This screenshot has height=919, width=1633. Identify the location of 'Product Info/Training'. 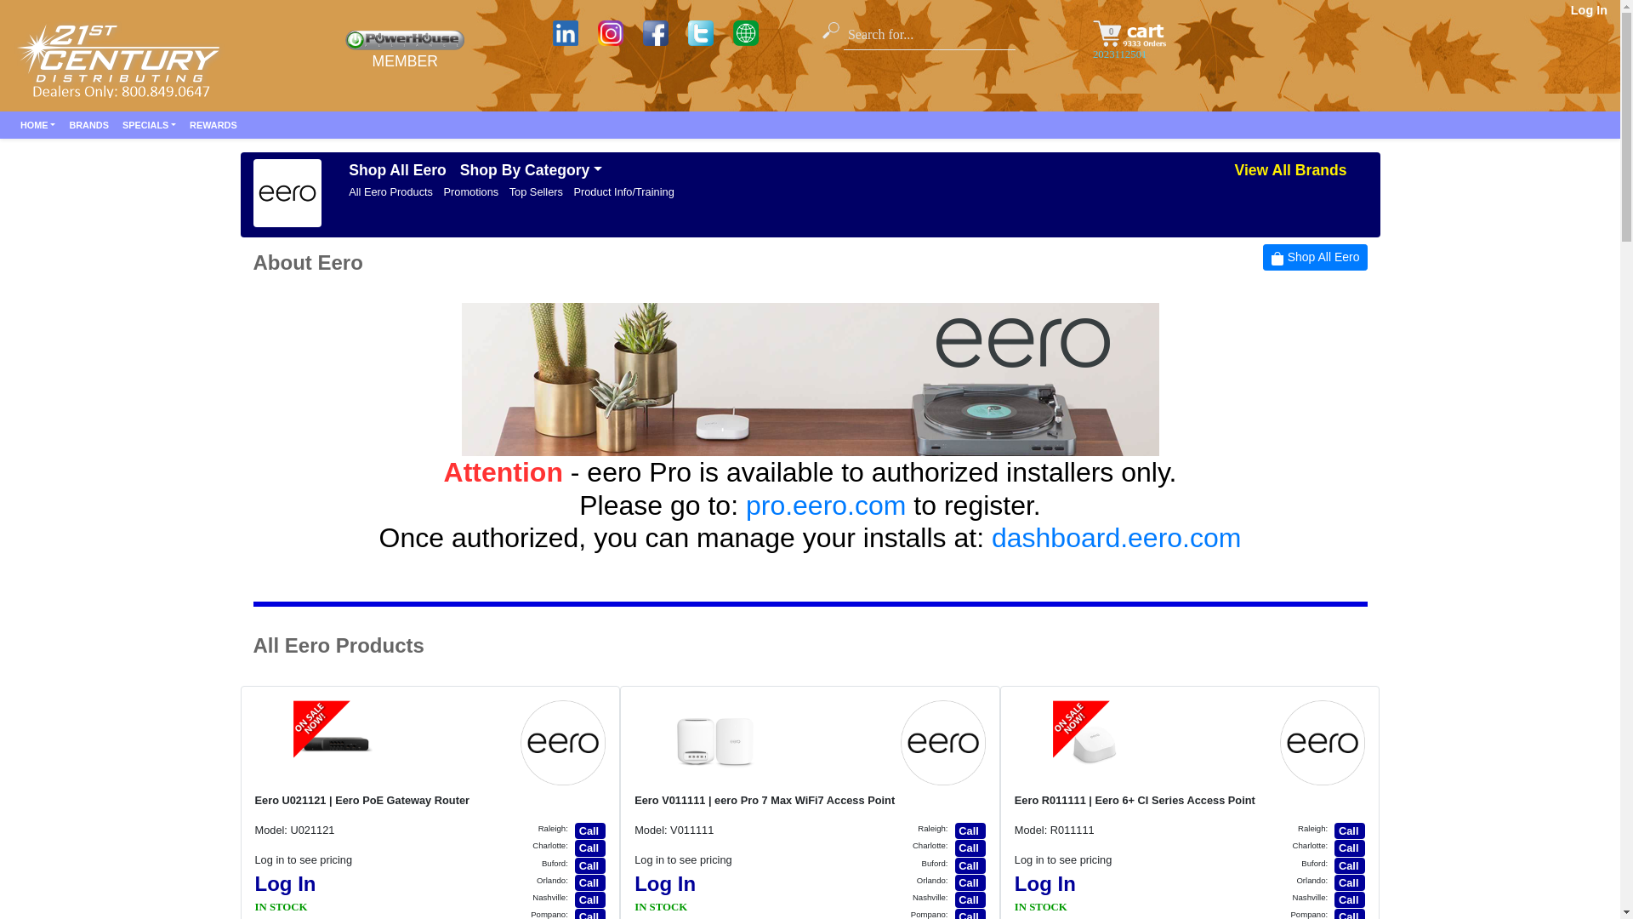
(623, 191).